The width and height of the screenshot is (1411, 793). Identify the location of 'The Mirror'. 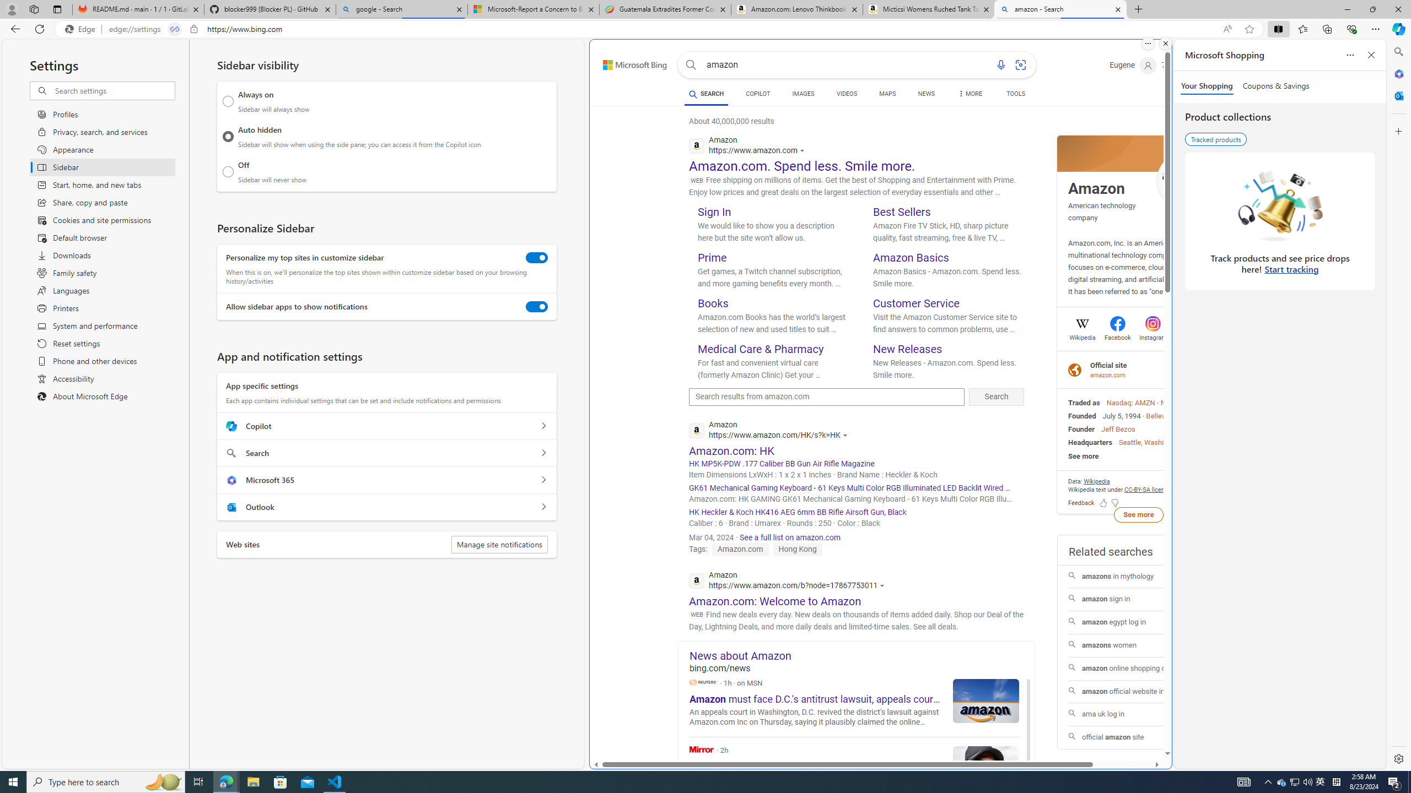
(701, 748).